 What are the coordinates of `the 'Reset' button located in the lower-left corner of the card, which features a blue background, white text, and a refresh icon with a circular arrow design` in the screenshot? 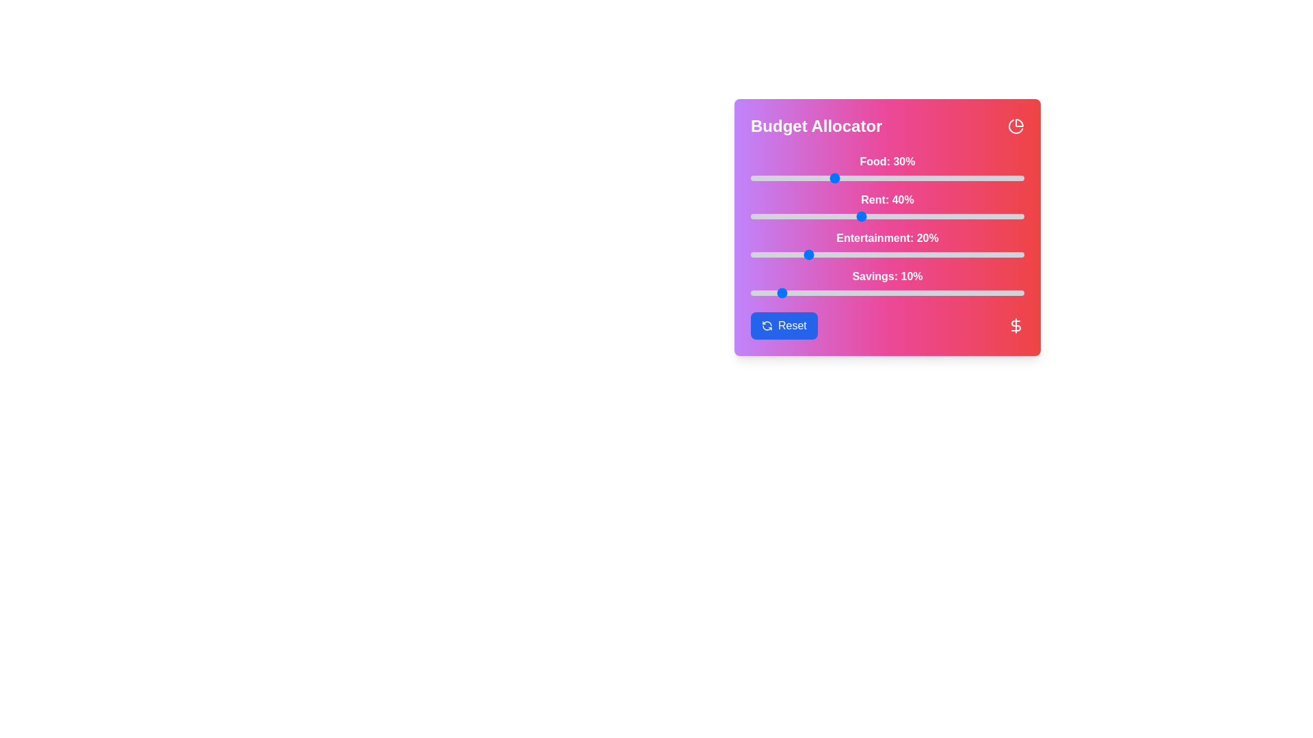 It's located at (784, 326).